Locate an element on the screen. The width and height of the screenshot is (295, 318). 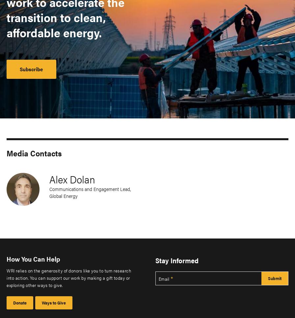
'Email' is located at coordinates (164, 278).